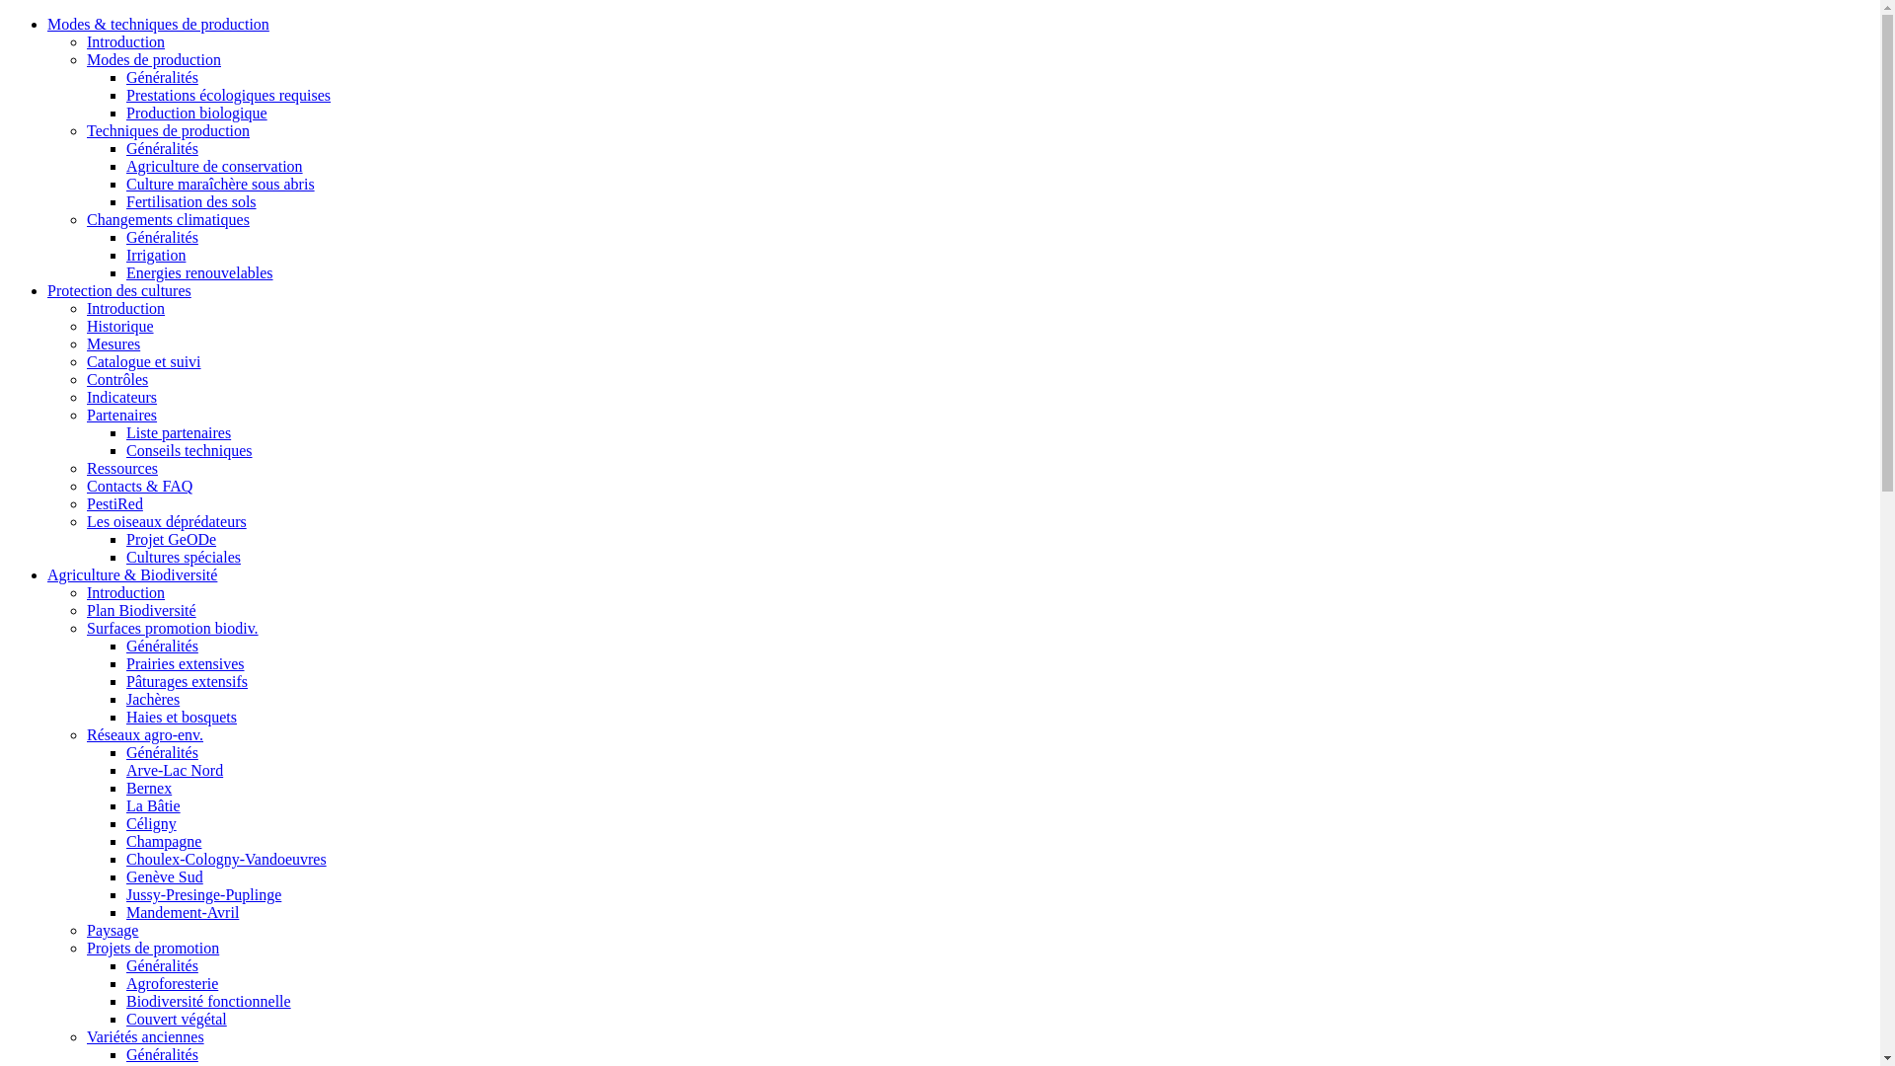 This screenshot has height=1066, width=1895. I want to click on 'Agroforesterie', so click(172, 983).